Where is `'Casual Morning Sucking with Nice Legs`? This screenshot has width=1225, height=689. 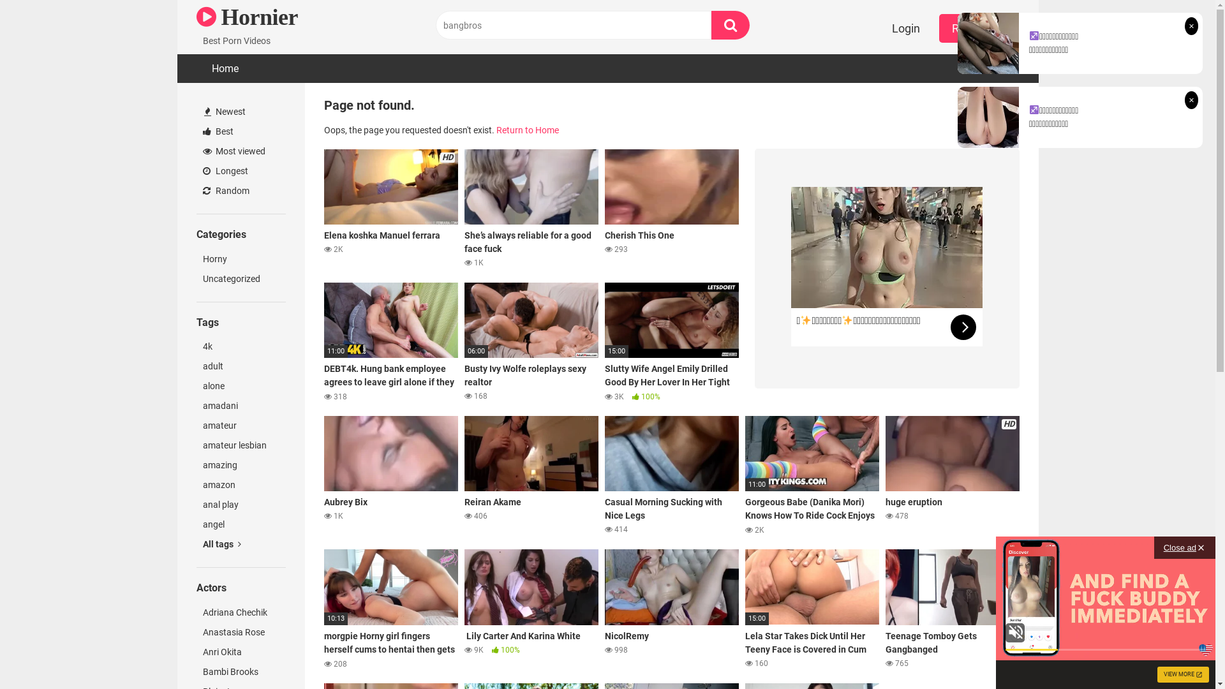
'Casual Morning Sucking with Nice Legs is located at coordinates (604, 475).